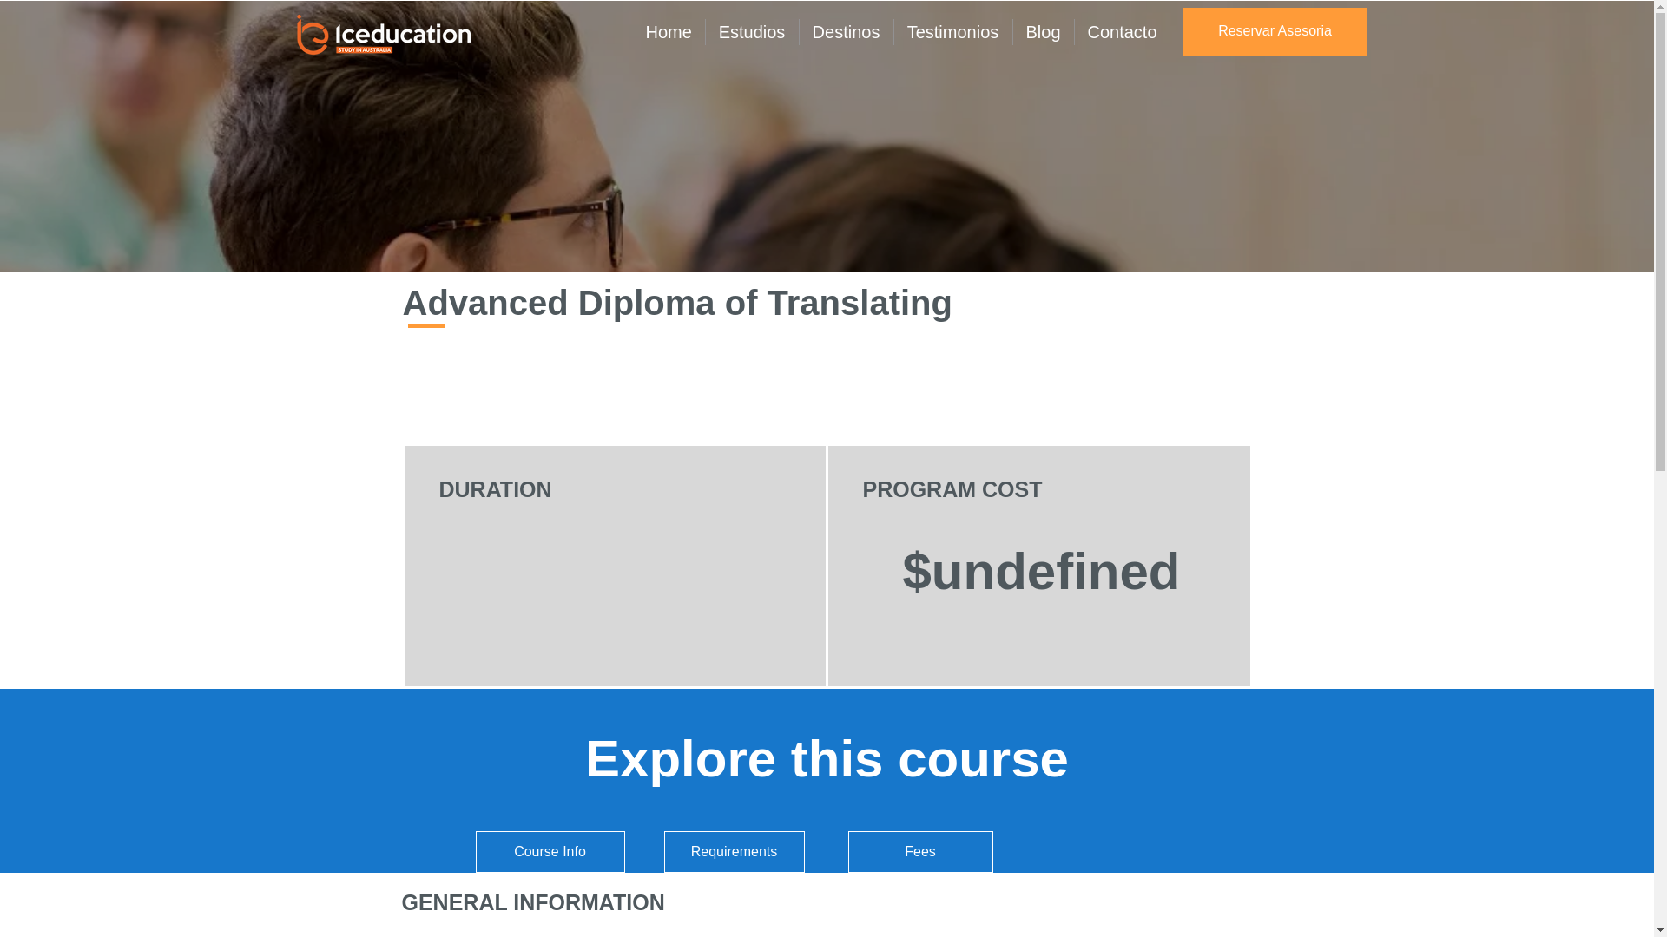 Image resolution: width=1667 pixels, height=937 pixels. What do you see at coordinates (751, 32) in the screenshot?
I see `'Estudios'` at bounding box center [751, 32].